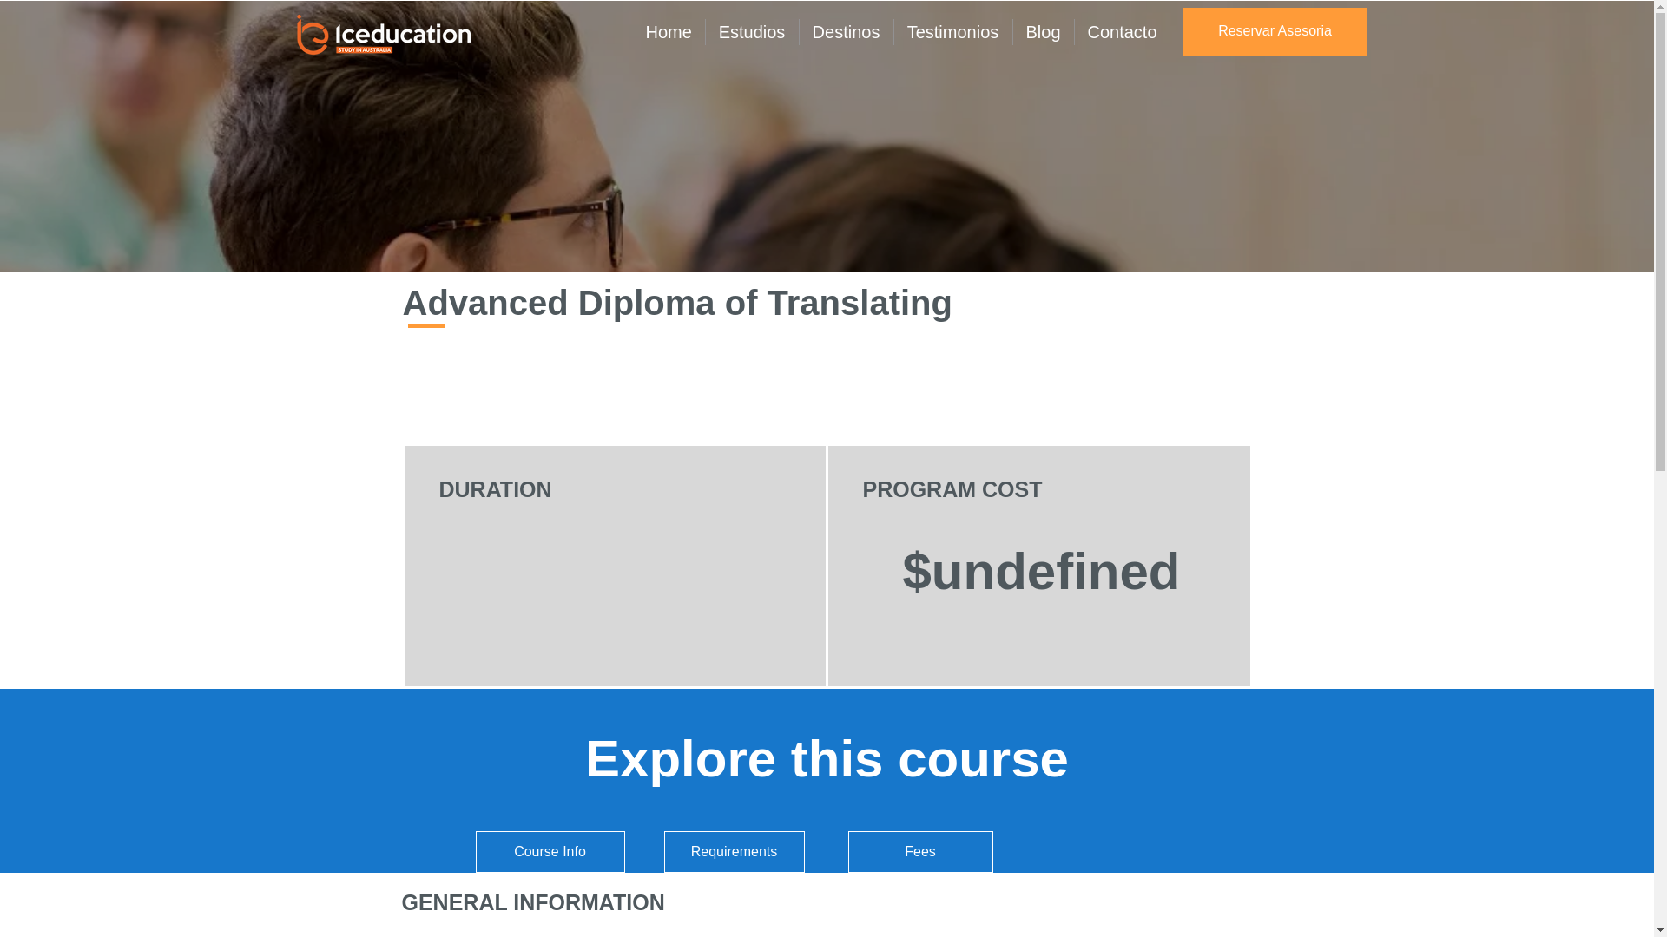 Image resolution: width=1667 pixels, height=937 pixels. What do you see at coordinates (751, 32) in the screenshot?
I see `'Estudios'` at bounding box center [751, 32].